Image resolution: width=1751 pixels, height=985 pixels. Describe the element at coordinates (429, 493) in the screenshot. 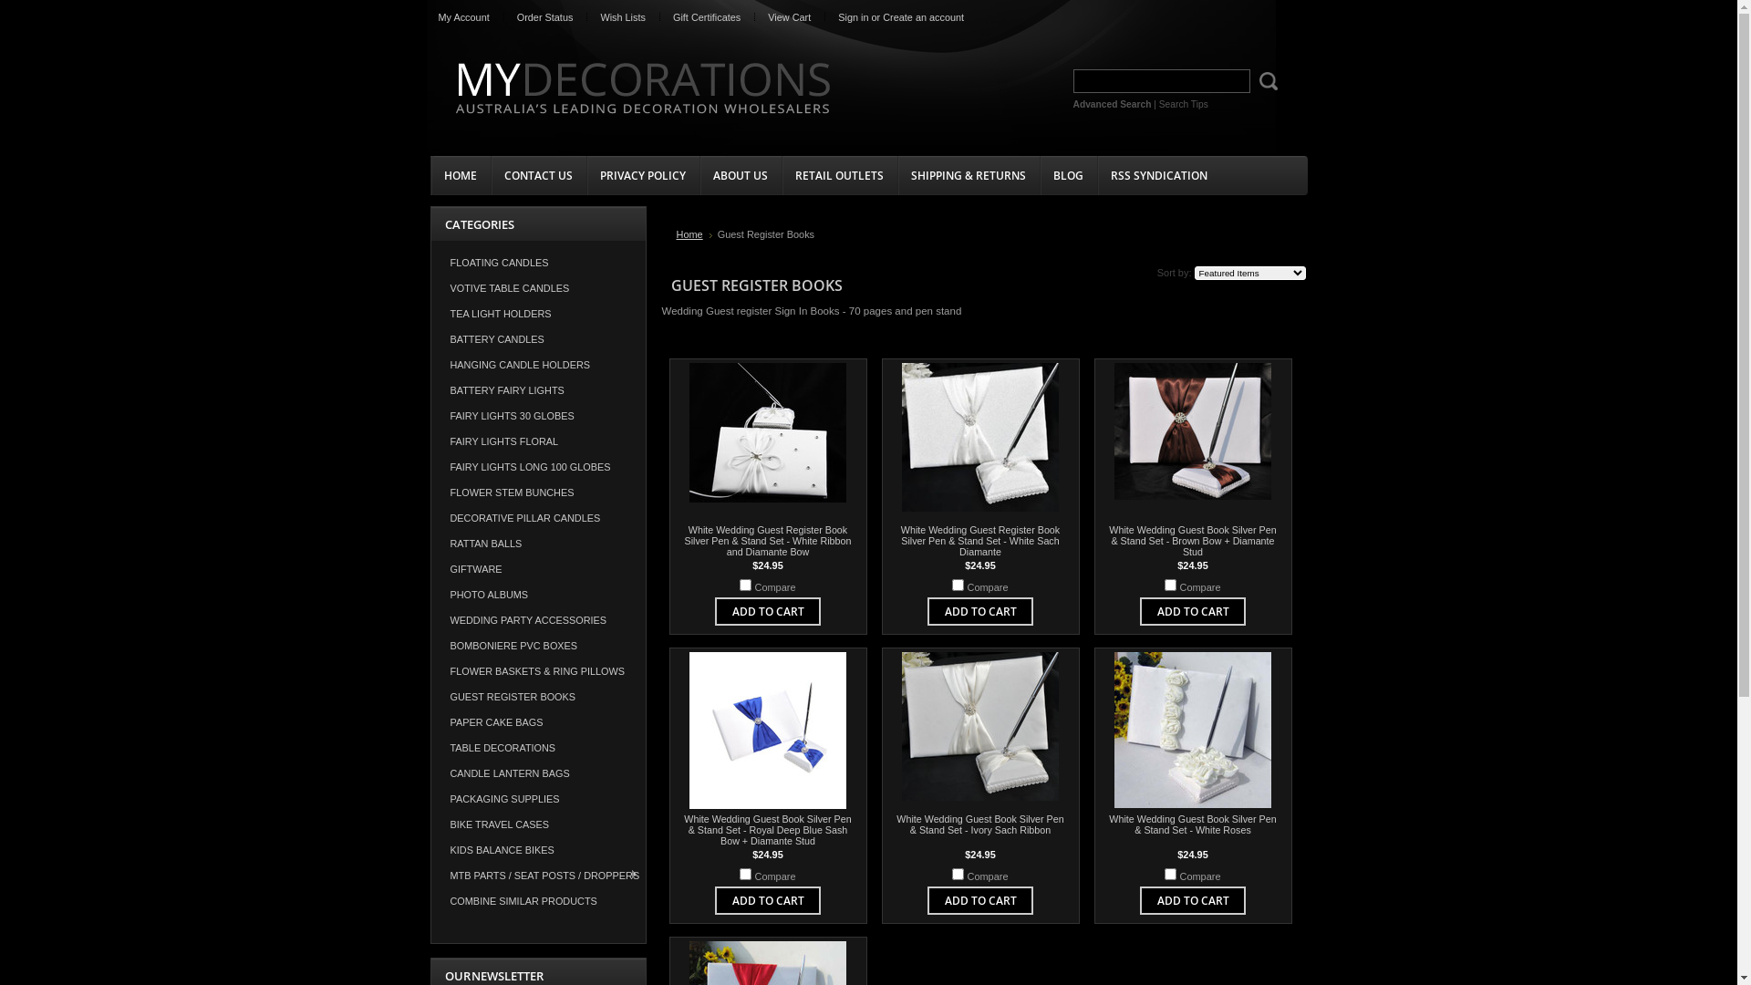

I see `'FLOWER STEM BUNCHES'` at that location.